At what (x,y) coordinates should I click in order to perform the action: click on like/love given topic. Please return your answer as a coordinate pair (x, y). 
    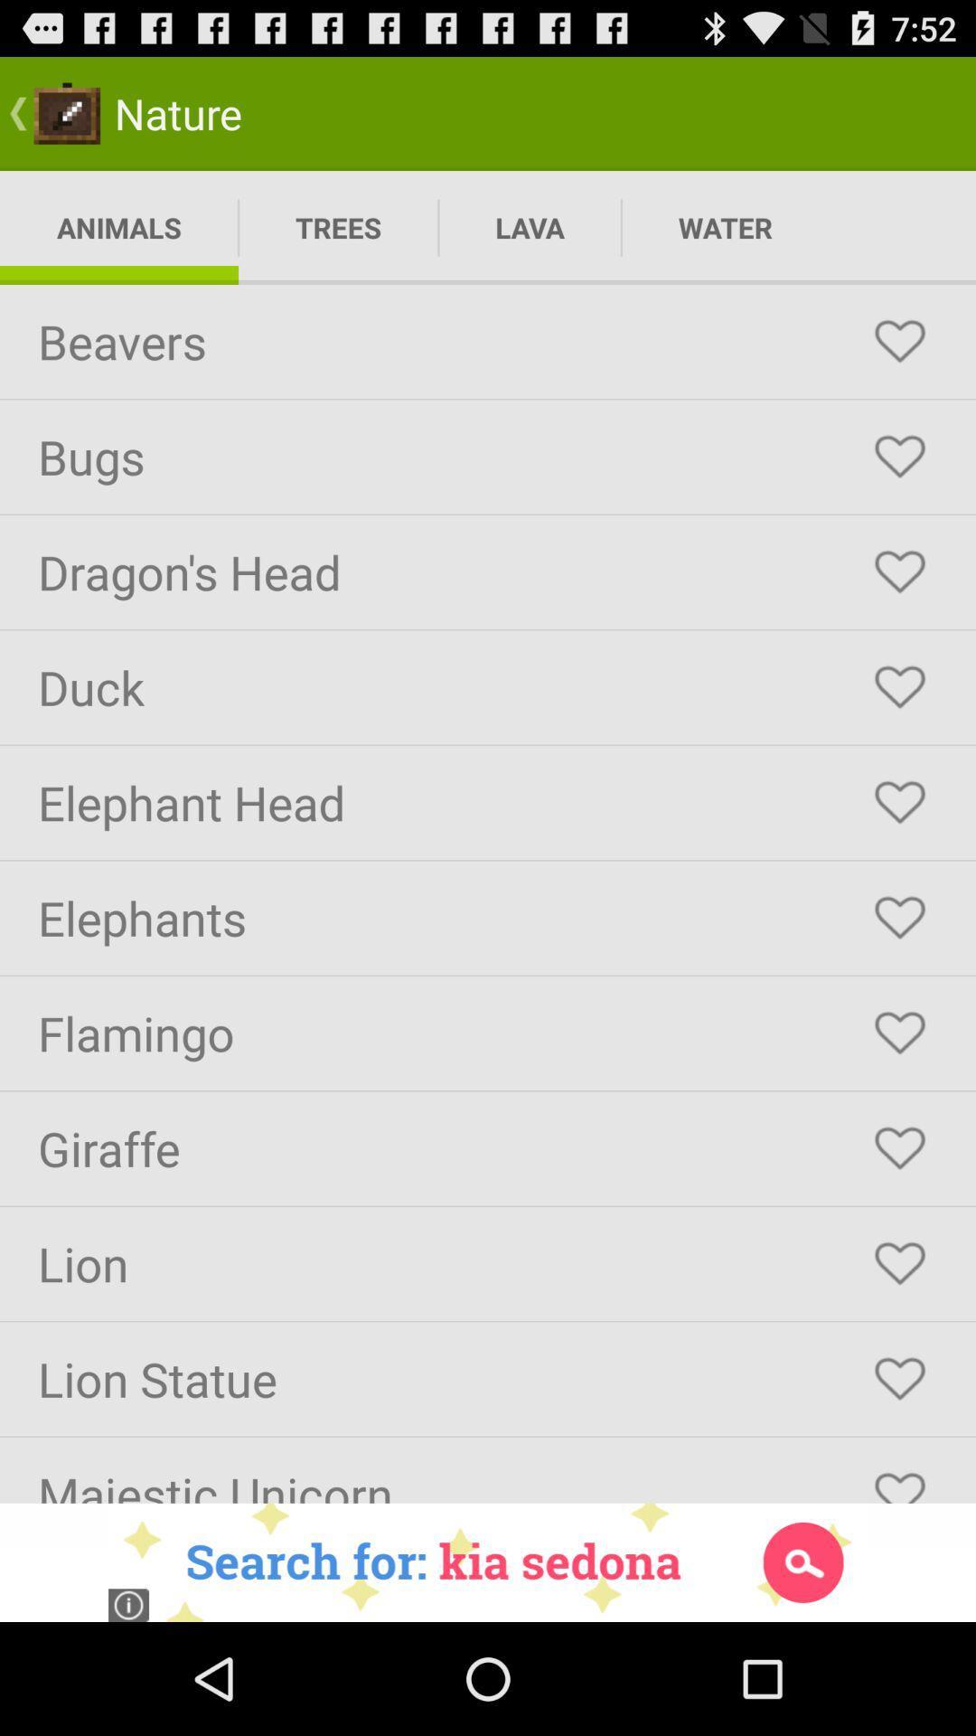
    Looking at the image, I should click on (899, 686).